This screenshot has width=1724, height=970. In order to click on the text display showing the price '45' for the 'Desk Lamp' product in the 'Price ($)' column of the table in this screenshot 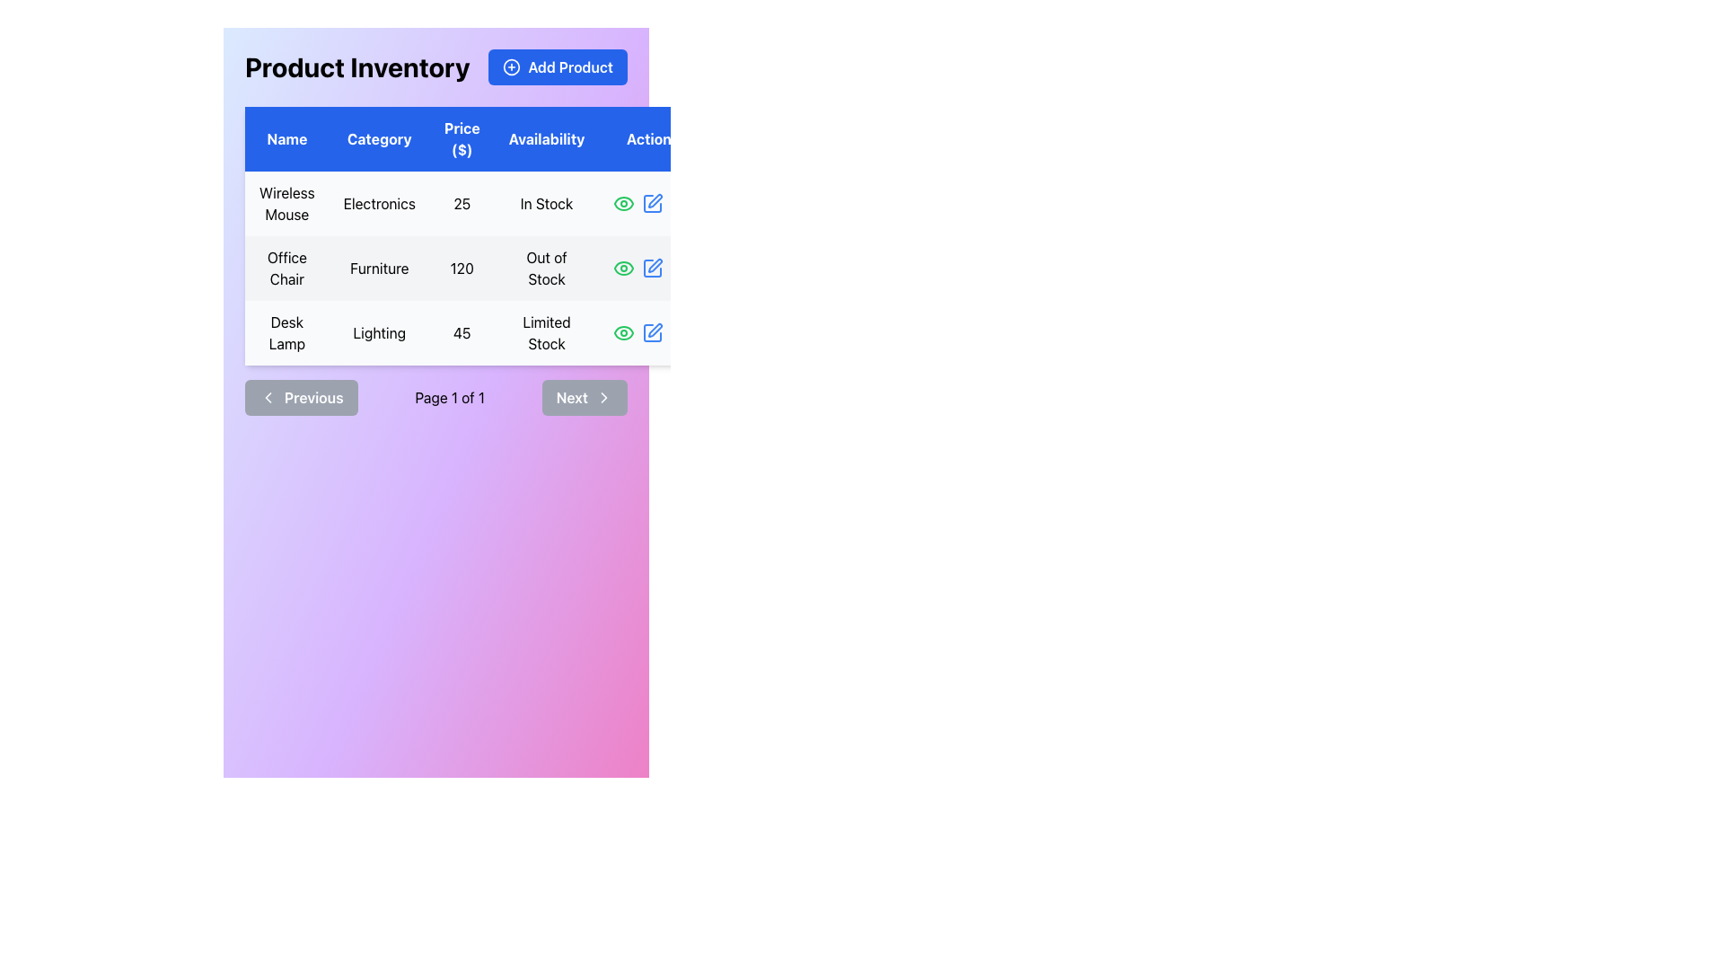, I will do `click(462, 332)`.